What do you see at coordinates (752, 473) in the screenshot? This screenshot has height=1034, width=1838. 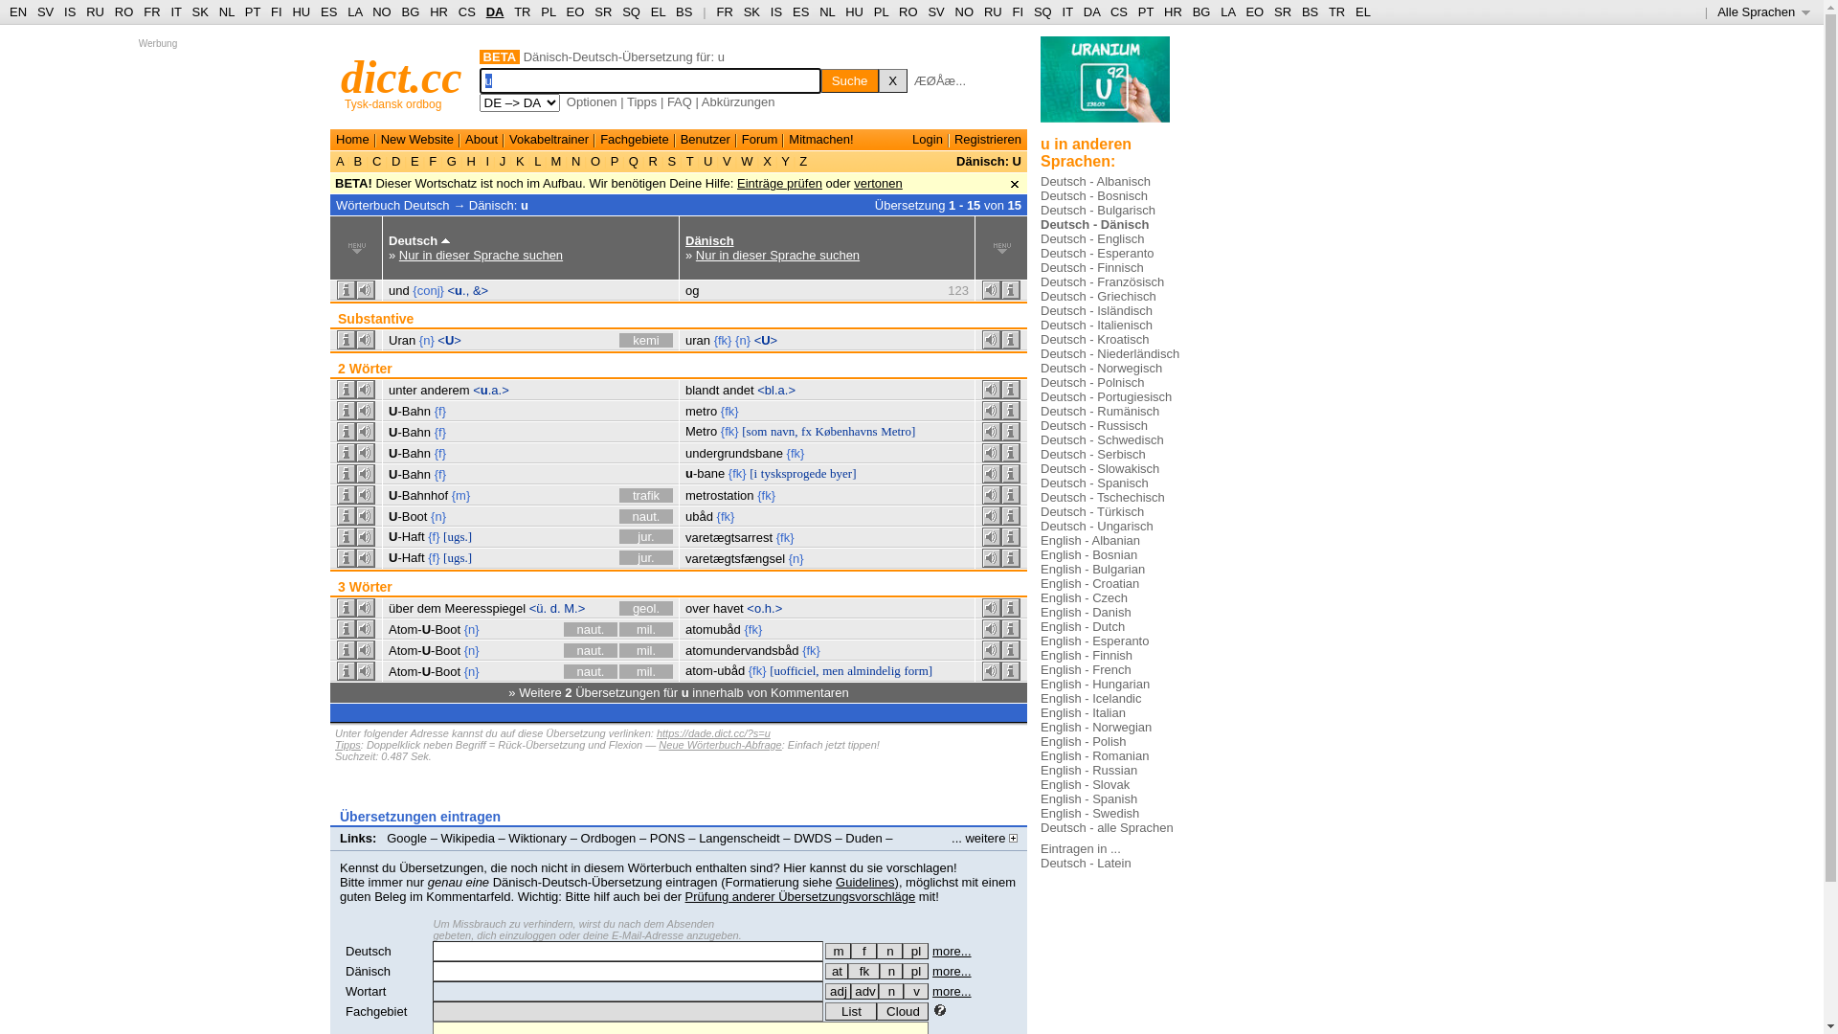 I see `'[i'` at bounding box center [752, 473].